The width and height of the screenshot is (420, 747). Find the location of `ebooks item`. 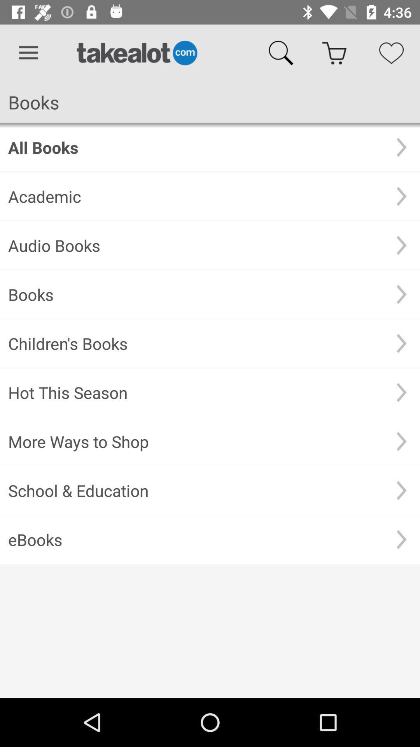

ebooks item is located at coordinates (195, 539).